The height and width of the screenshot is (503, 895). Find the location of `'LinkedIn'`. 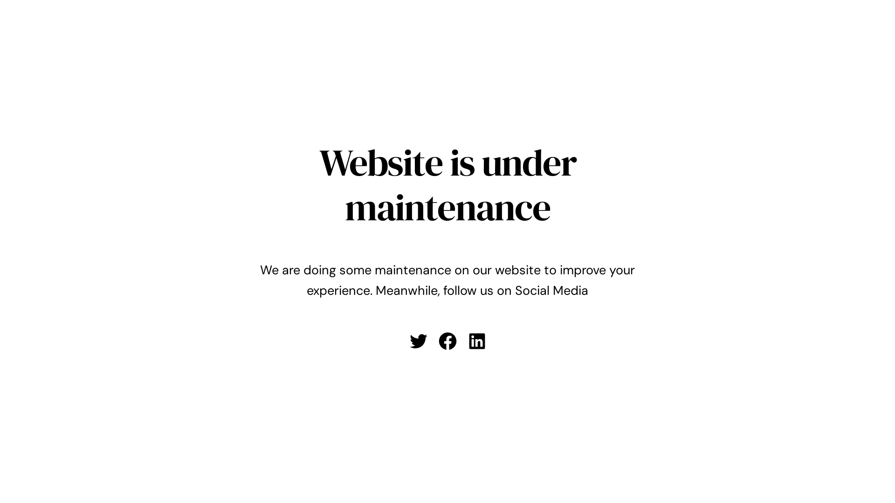

'LinkedIn' is located at coordinates (476, 341).